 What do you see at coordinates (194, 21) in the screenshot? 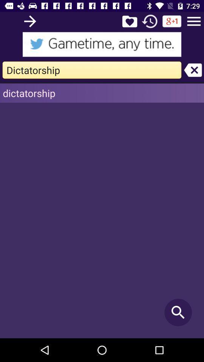
I see `the menu icon` at bounding box center [194, 21].